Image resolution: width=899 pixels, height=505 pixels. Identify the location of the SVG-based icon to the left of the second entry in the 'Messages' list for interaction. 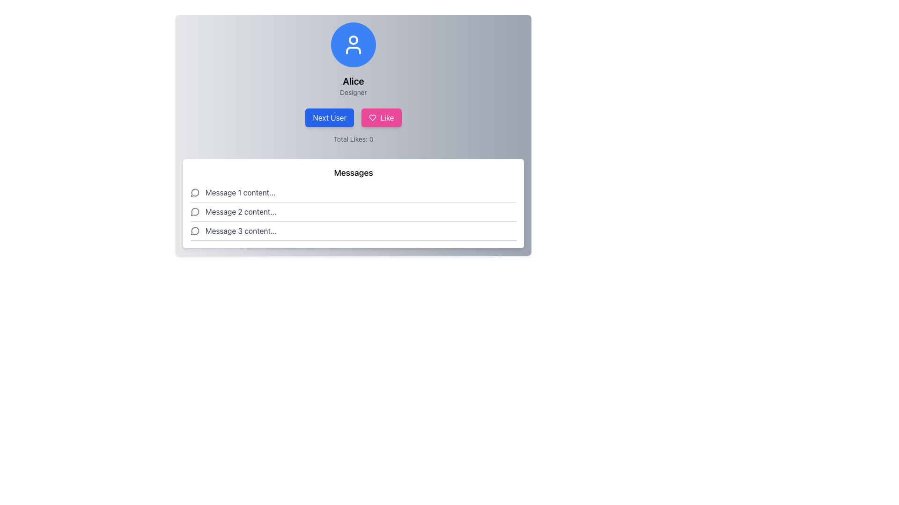
(194, 212).